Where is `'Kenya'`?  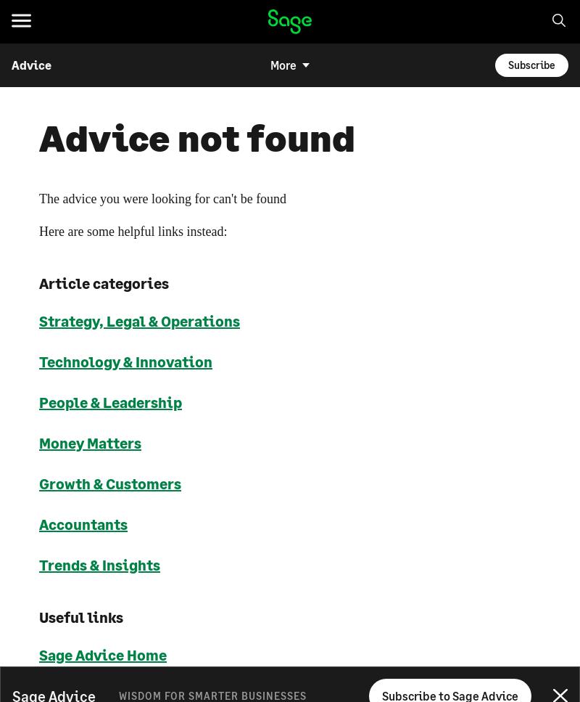
'Kenya' is located at coordinates (312, 383).